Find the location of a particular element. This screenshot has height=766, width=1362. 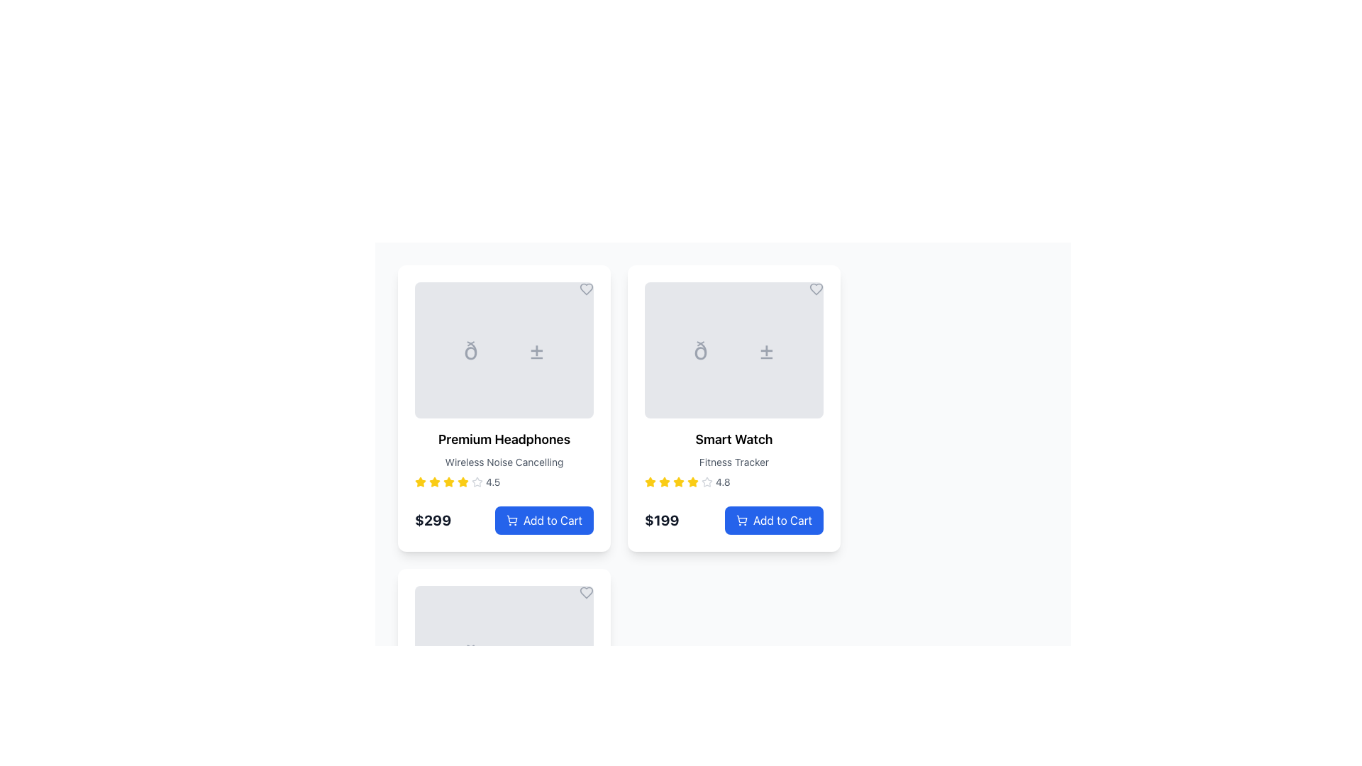

the 'Add to Cart' button label located at the bottom center of the product card is located at coordinates (552, 520).